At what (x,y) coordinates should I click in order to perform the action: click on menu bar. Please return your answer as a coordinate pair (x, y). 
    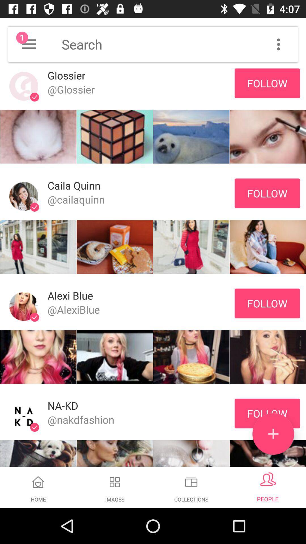
    Looking at the image, I should click on (278, 44).